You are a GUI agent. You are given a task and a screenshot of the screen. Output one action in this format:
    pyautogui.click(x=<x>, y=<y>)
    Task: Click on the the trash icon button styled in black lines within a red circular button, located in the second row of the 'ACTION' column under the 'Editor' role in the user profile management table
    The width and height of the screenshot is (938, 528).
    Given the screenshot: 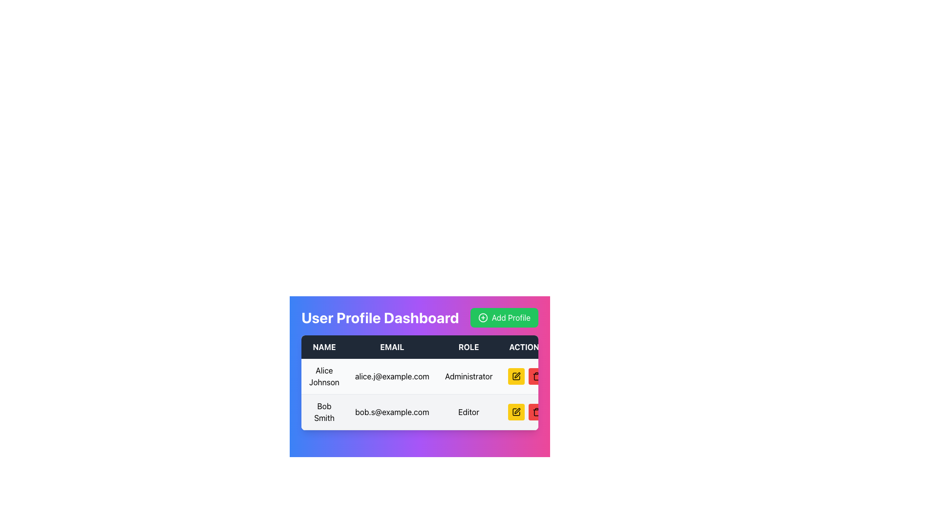 What is the action you would take?
    pyautogui.click(x=536, y=412)
    